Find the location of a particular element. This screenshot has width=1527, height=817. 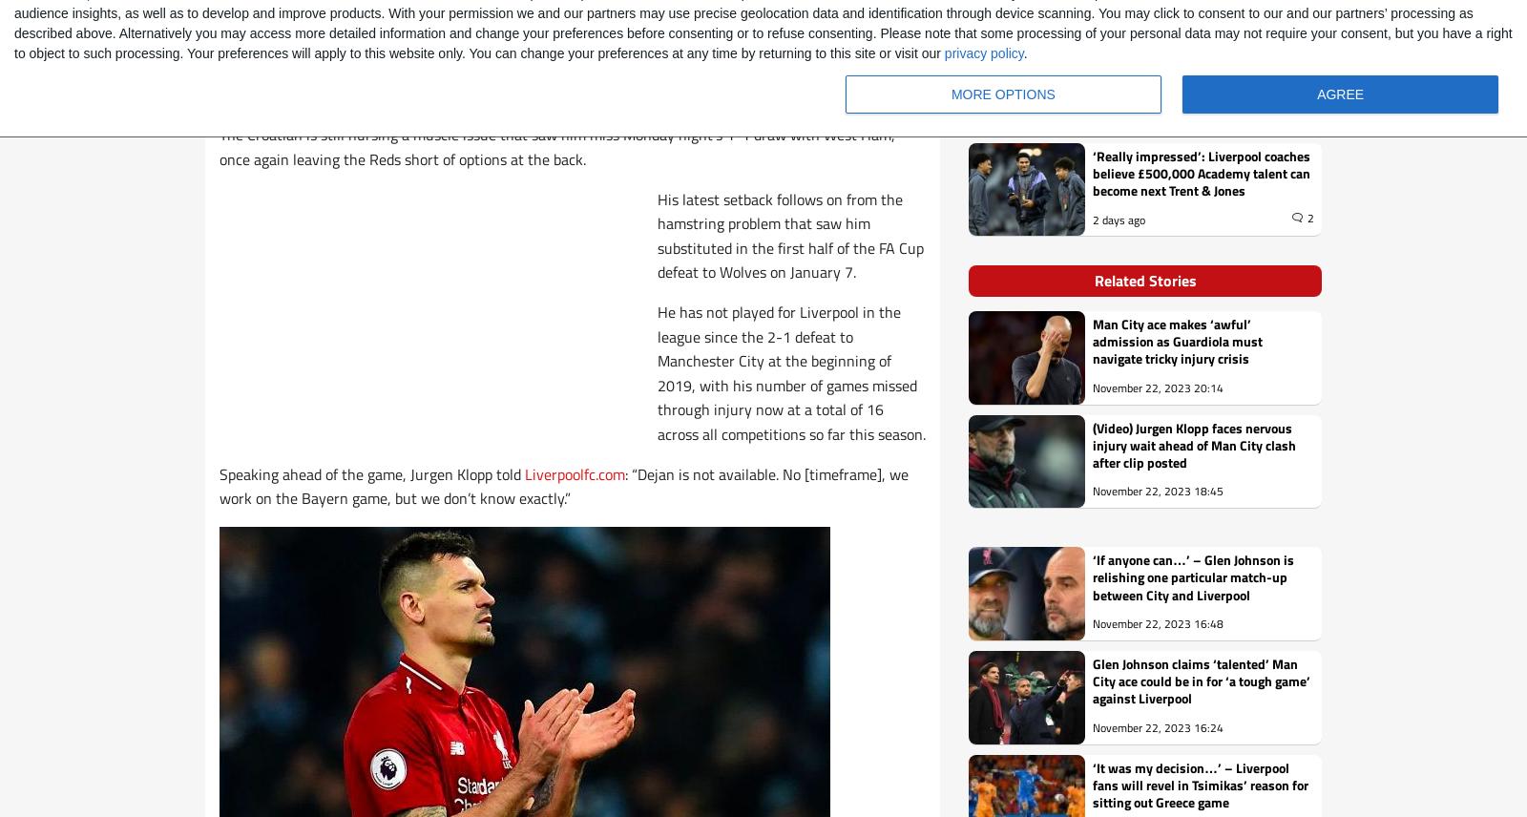

'‘It was my decision…’ – Liverpool fans will revel in Tsimikas’ reason for sitting out Greece game' is located at coordinates (1200, 783).